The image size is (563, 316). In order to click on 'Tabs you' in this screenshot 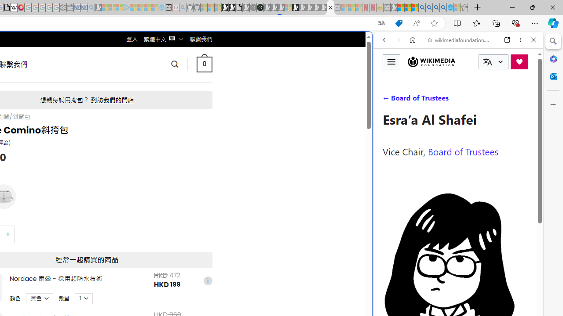, I will do `click(121, 116)`.